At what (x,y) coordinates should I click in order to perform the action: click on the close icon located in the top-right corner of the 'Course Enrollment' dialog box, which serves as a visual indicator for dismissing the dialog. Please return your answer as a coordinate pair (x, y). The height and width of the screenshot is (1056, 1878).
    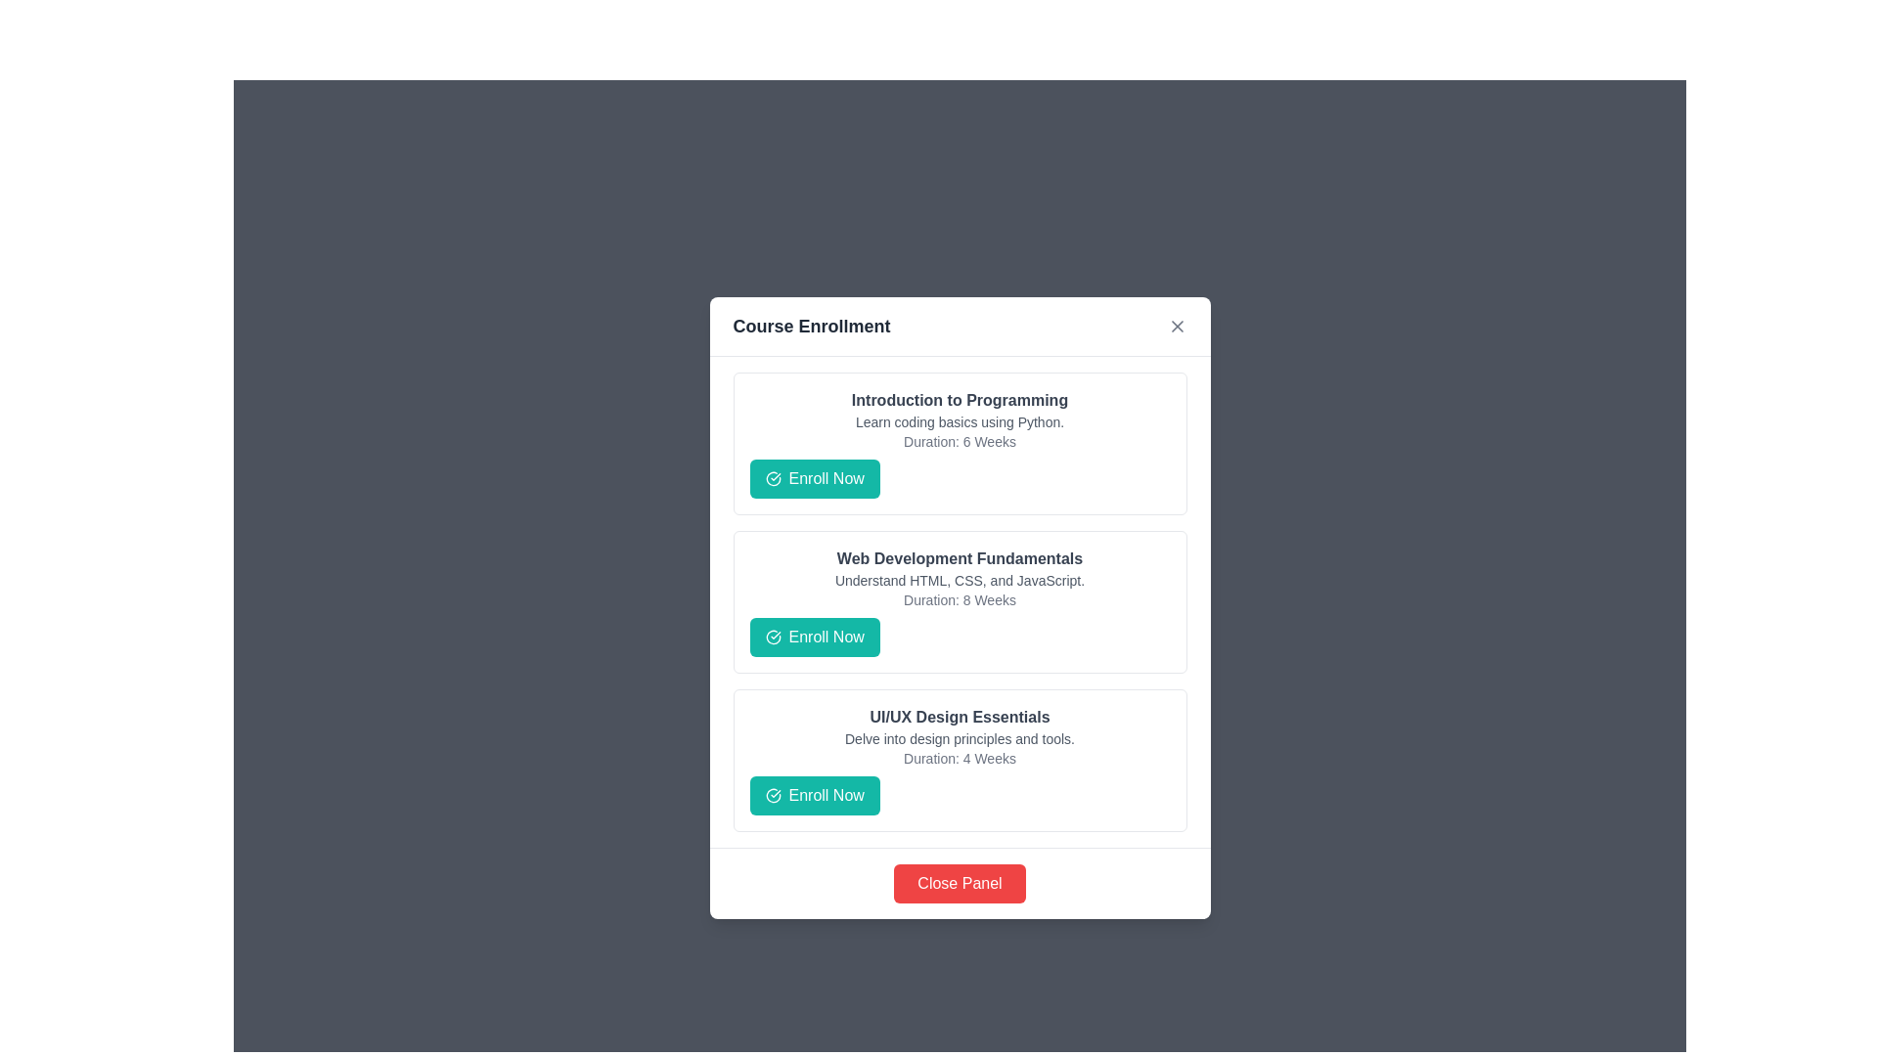
    Looking at the image, I should click on (1176, 326).